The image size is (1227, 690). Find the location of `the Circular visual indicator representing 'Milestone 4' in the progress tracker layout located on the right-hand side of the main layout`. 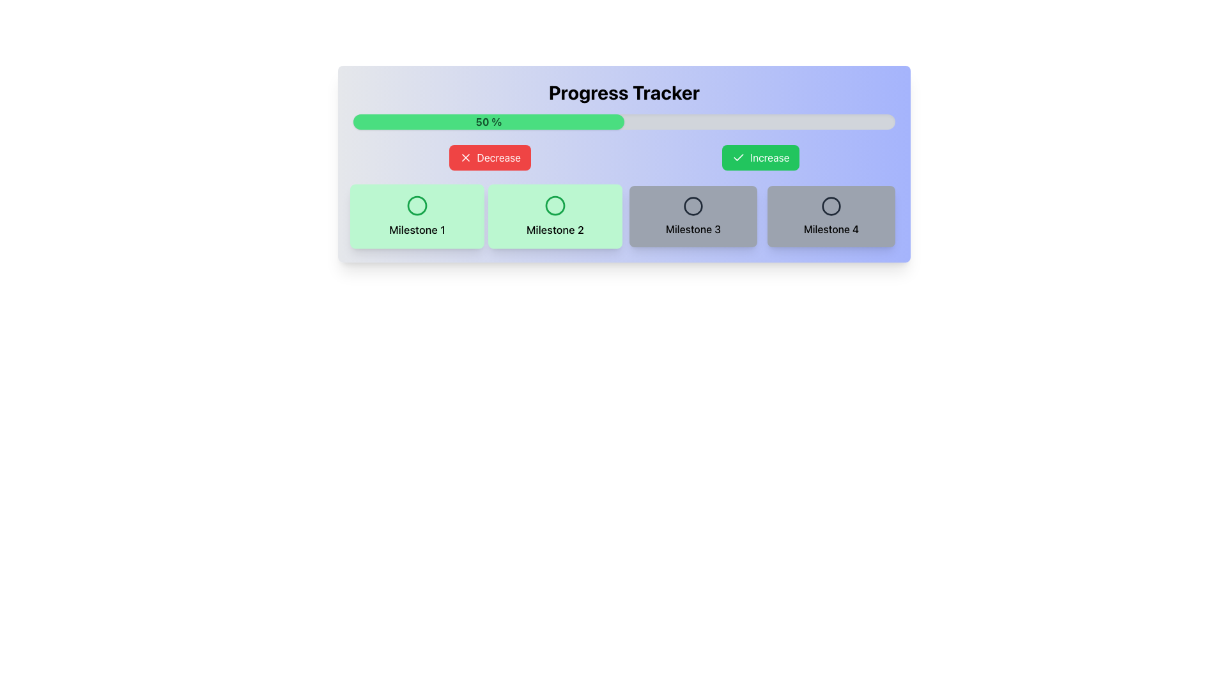

the Circular visual indicator representing 'Milestone 4' in the progress tracker layout located on the right-hand side of the main layout is located at coordinates (831, 206).